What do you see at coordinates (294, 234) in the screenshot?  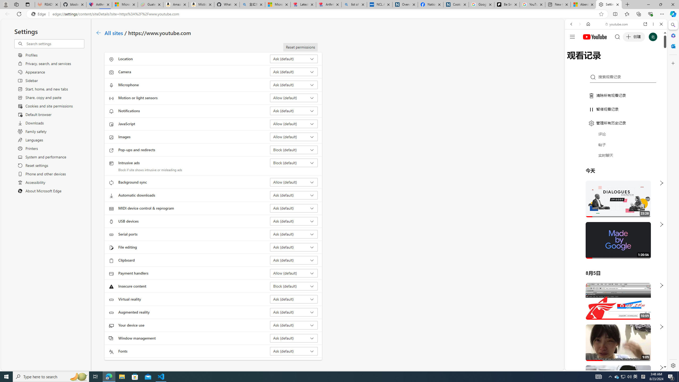 I see `'Serial ports Ask (default)'` at bounding box center [294, 234].